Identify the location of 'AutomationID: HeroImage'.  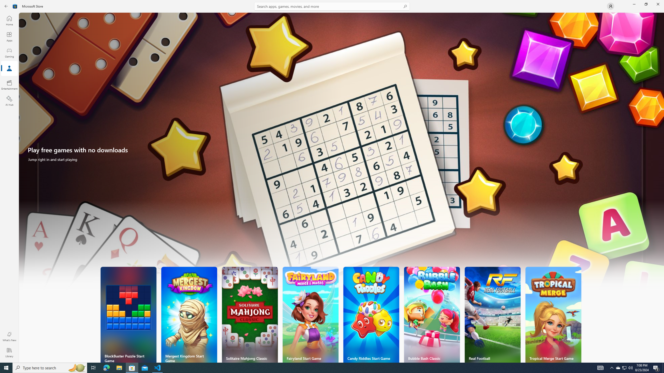
(341, 154).